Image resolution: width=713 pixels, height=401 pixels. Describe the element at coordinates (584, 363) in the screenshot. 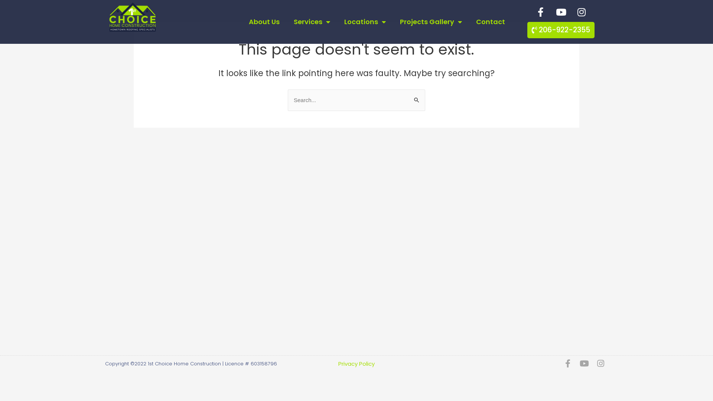

I see `'Youtube'` at that location.